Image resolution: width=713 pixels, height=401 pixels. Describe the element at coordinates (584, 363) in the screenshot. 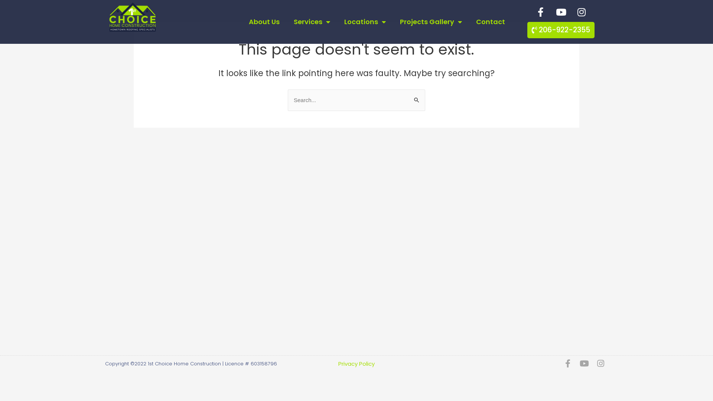

I see `'Youtube'` at that location.